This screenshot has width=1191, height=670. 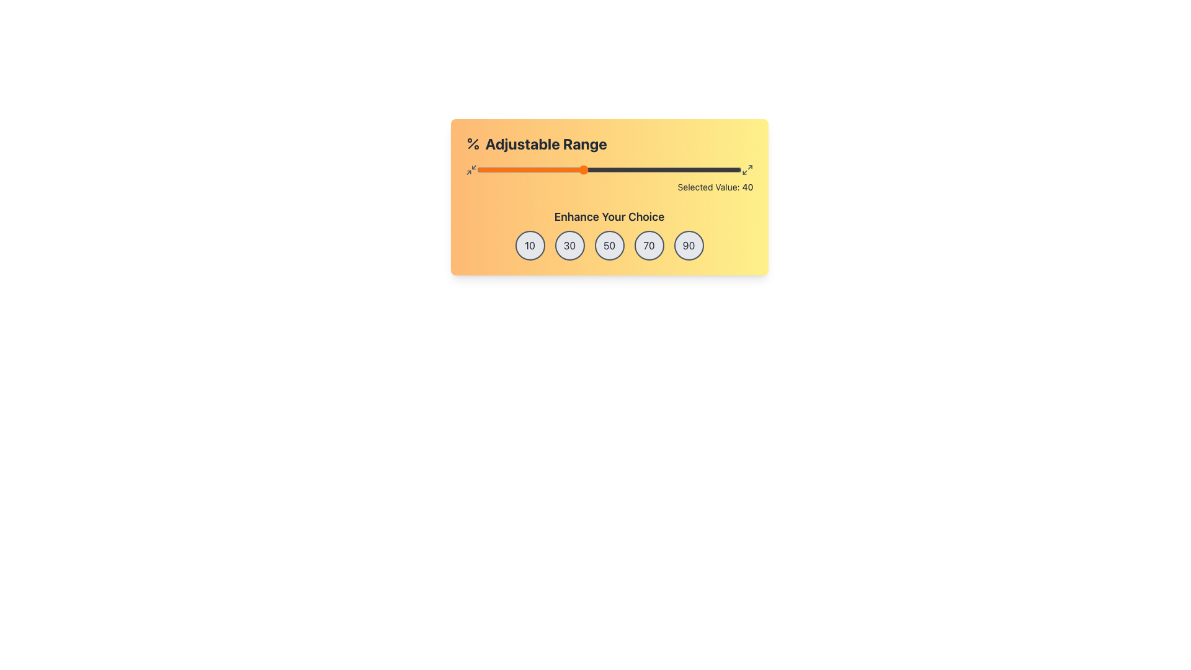 I want to click on the slider value, so click(x=672, y=169).